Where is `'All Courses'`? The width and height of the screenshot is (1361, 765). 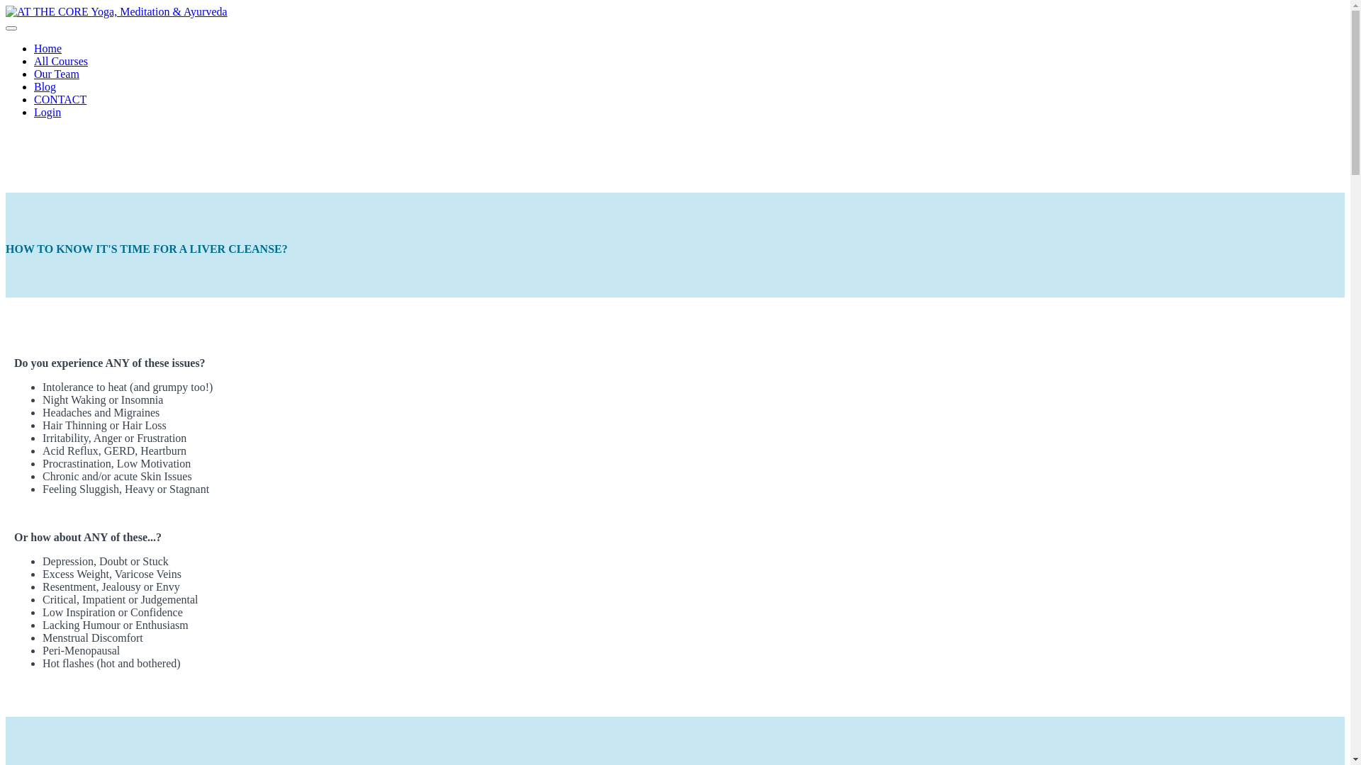 'All Courses' is located at coordinates (60, 60).